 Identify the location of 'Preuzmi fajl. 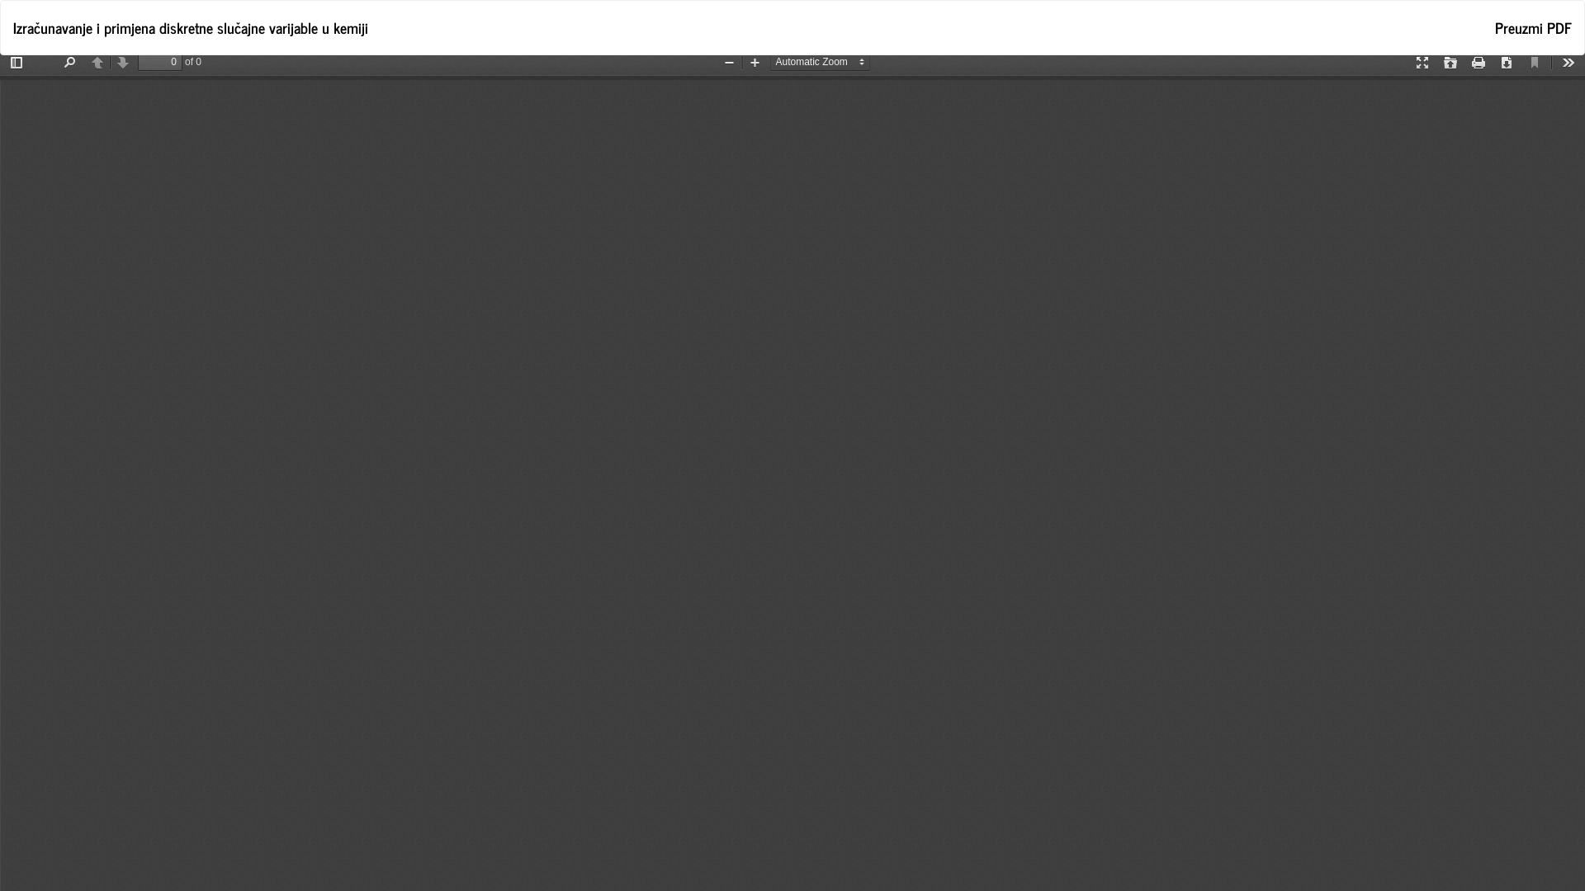
(1532, 27).